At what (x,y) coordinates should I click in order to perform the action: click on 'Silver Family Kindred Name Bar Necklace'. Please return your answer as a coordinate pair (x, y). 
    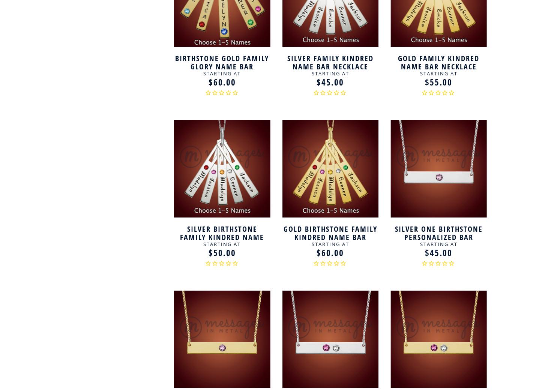
    Looking at the image, I should click on (330, 62).